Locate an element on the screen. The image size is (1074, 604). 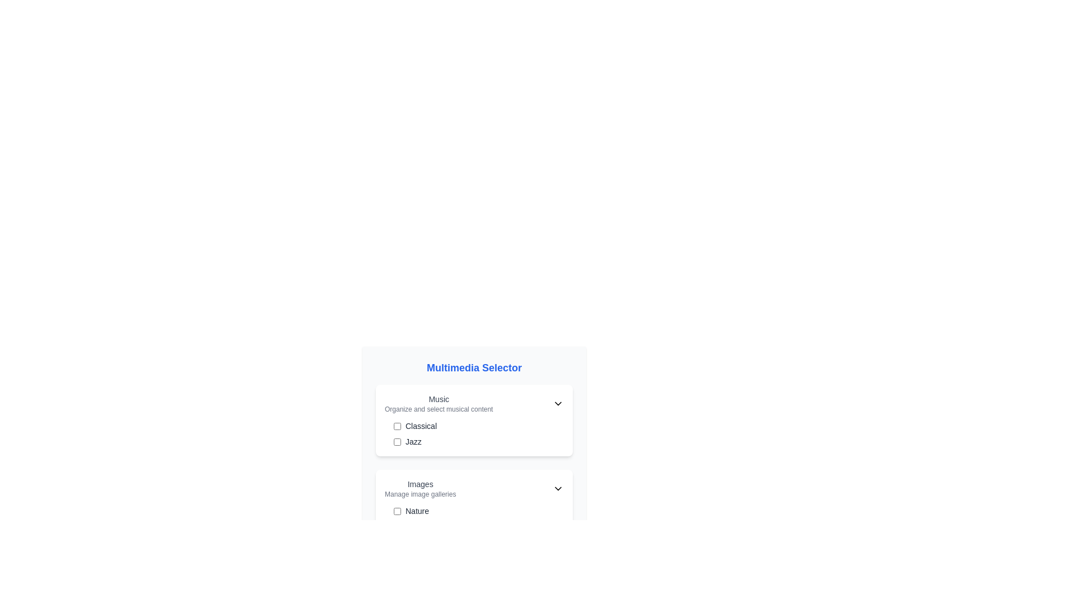
the chevron-down icon located at the right edge of the 'Music' section is located at coordinates (558, 403).